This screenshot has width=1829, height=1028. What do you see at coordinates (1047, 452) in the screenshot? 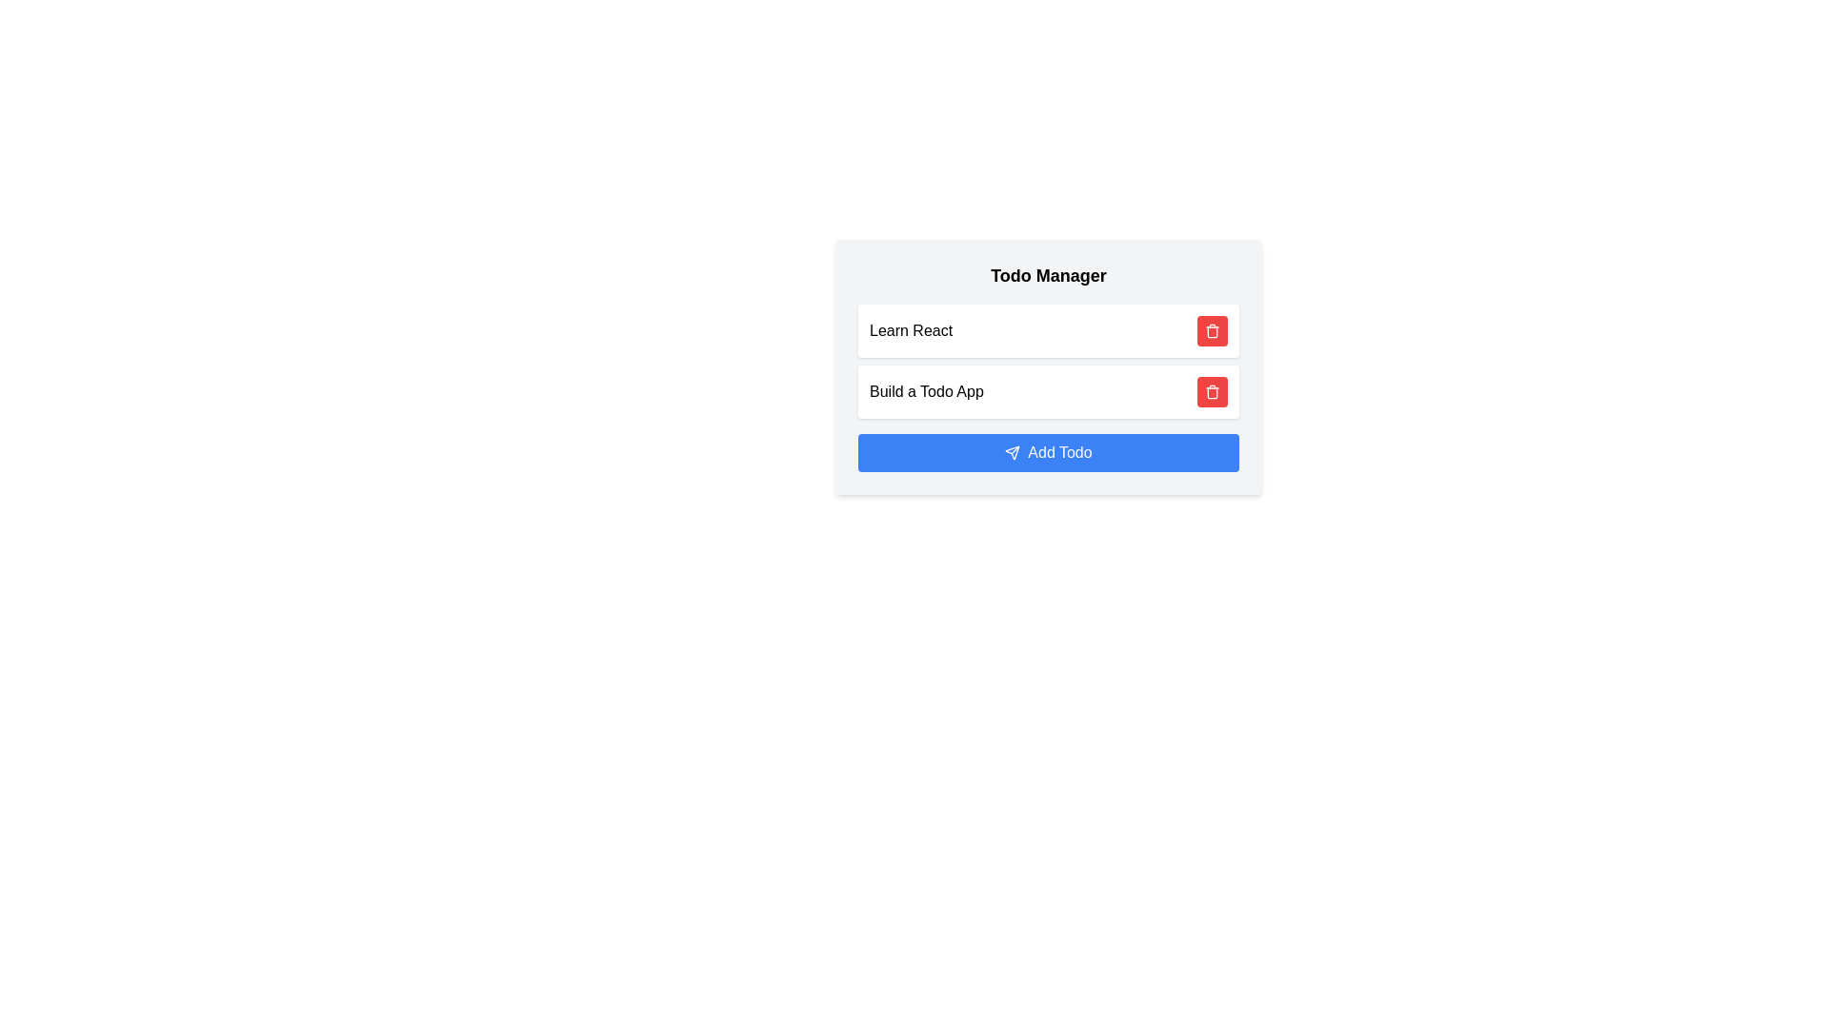
I see `the blue 'Add Todo' button with a paper plane icon located at the bottom center of the 'Todo Manager' card to initiate adding a new todo` at bounding box center [1047, 452].